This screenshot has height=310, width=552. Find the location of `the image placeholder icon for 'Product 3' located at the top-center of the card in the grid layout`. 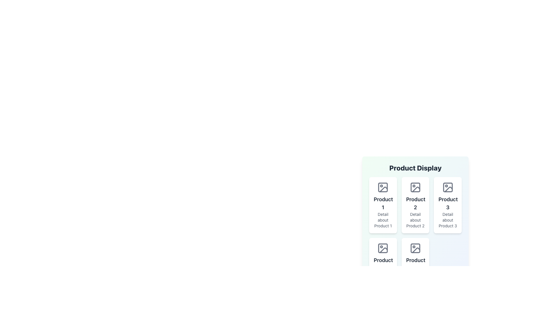

the image placeholder icon for 'Product 3' located at the top-center of the card in the grid layout is located at coordinates (447, 187).